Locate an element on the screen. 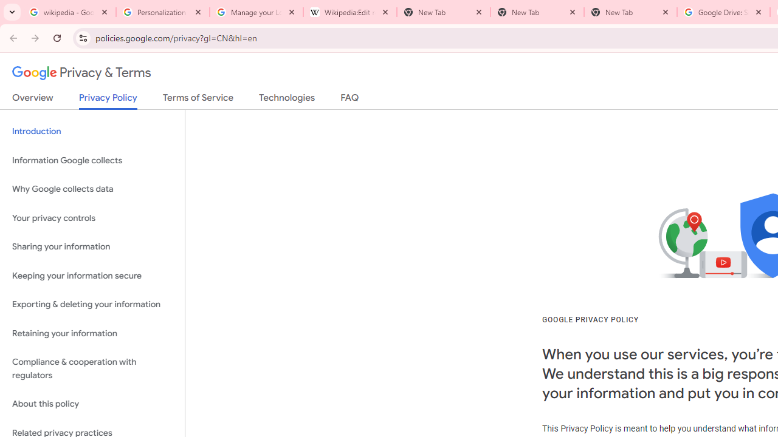 This screenshot has height=437, width=778. 'Manage your Location History - Google Search Help' is located at coordinates (255, 12).